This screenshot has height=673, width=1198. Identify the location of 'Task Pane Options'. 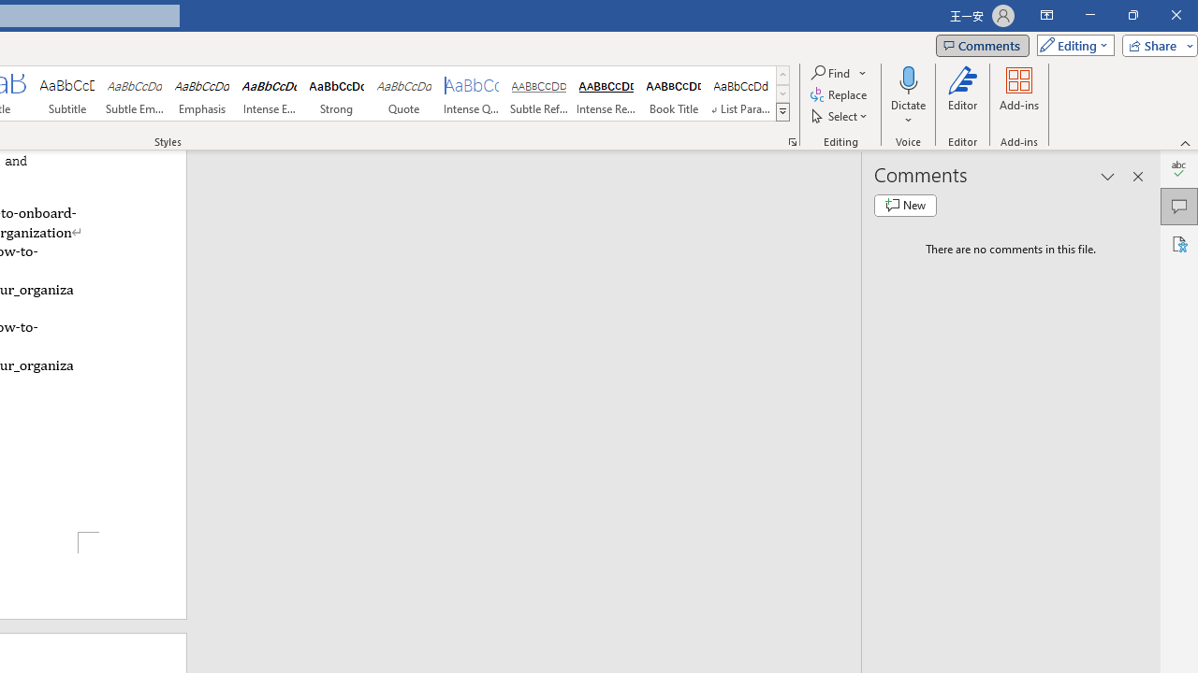
(1108, 177).